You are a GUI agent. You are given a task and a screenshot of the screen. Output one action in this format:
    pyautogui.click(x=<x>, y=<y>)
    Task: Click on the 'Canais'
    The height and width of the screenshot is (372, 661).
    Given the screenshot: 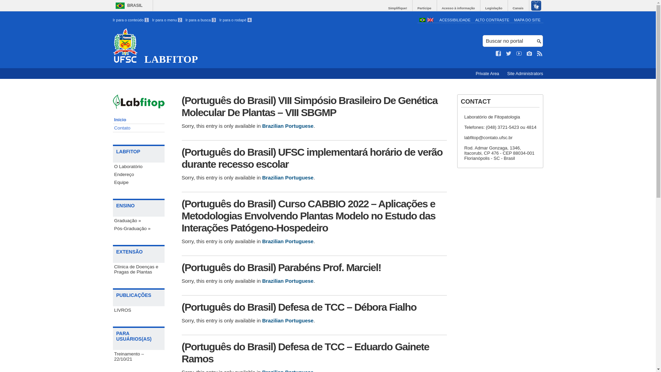 What is the action you would take?
    pyautogui.click(x=518, y=8)
    